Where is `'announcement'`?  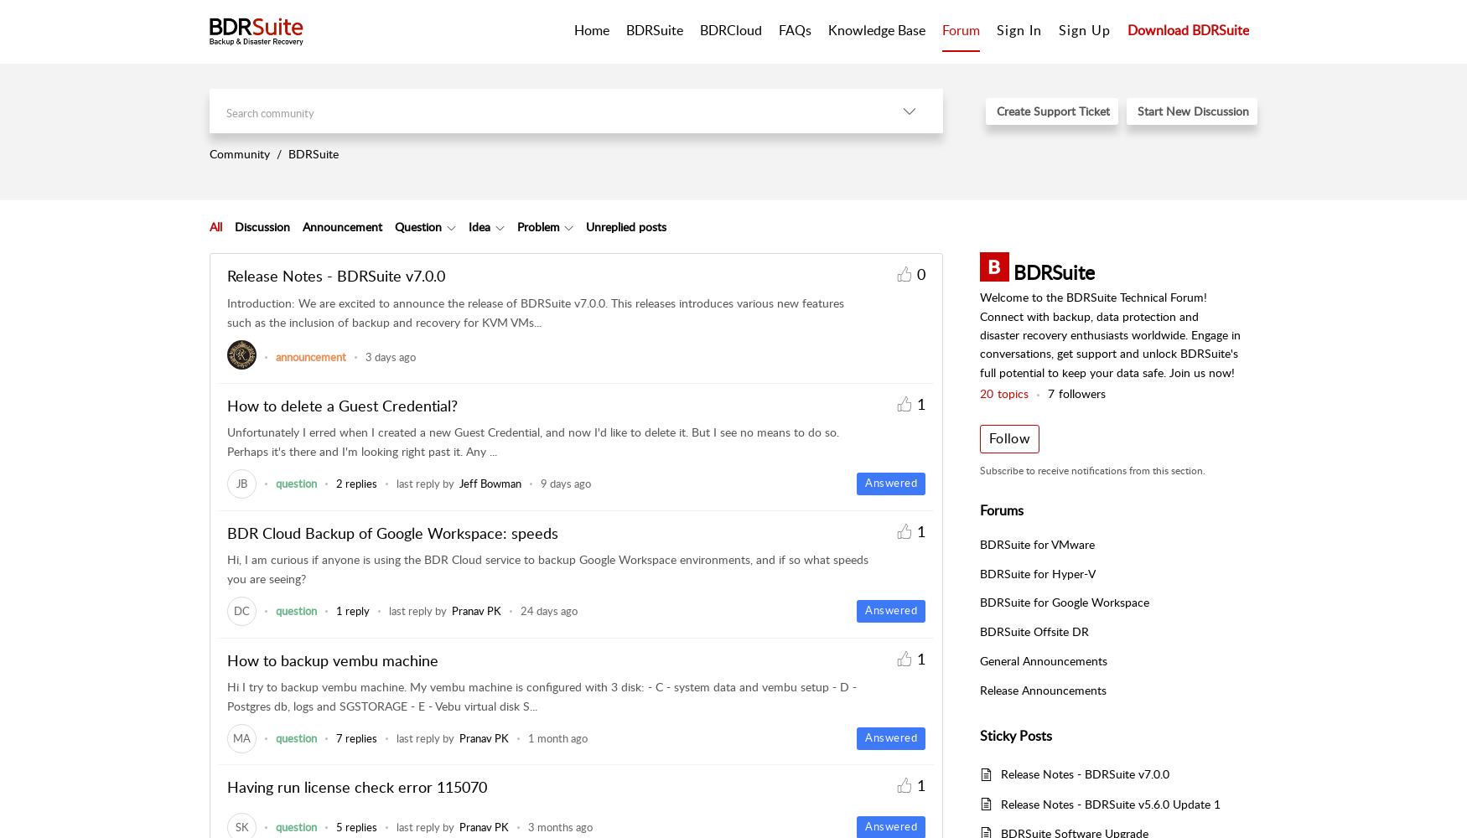 'announcement' is located at coordinates (311, 356).